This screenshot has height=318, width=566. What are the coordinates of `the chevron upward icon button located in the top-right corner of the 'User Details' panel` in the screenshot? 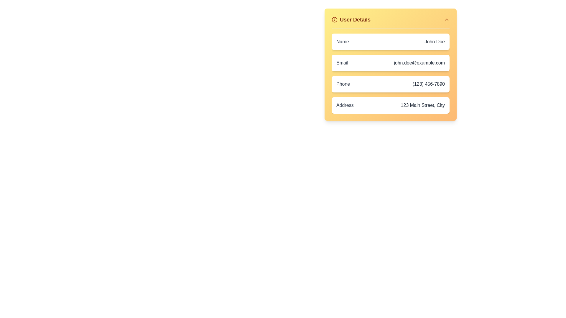 It's located at (447, 19).